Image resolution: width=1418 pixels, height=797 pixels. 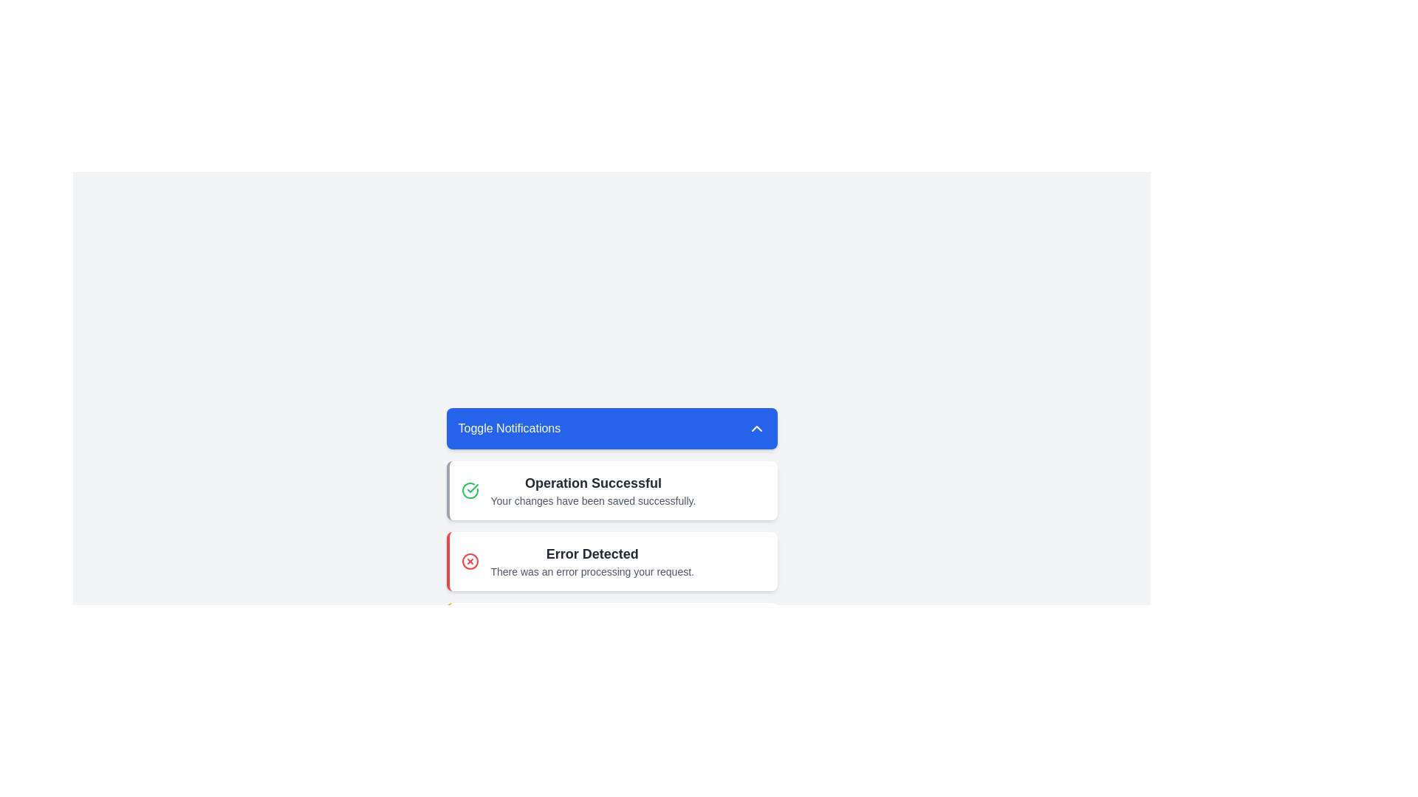 What do you see at coordinates (592, 554) in the screenshot?
I see `the 'Error Detected' text label, which is displayed prominently in large, bold, black font as part of an error notification card below the 'Operation Successful' notification card` at bounding box center [592, 554].